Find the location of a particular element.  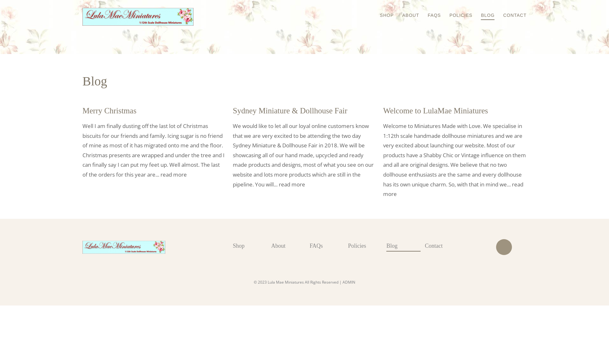

'ABOUT' is located at coordinates (407, 11).